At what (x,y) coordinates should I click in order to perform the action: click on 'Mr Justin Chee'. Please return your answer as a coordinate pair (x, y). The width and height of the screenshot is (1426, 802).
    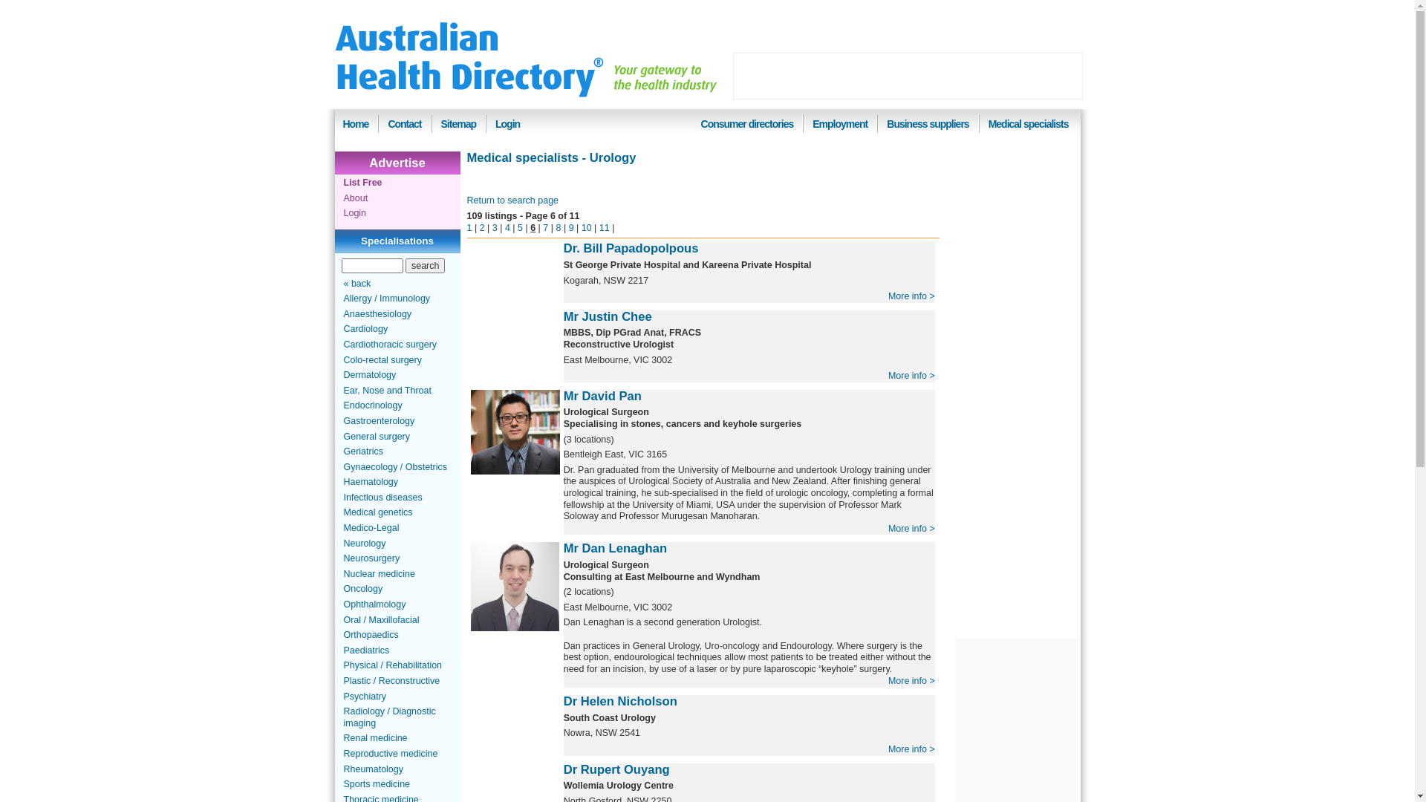
    Looking at the image, I should click on (608, 316).